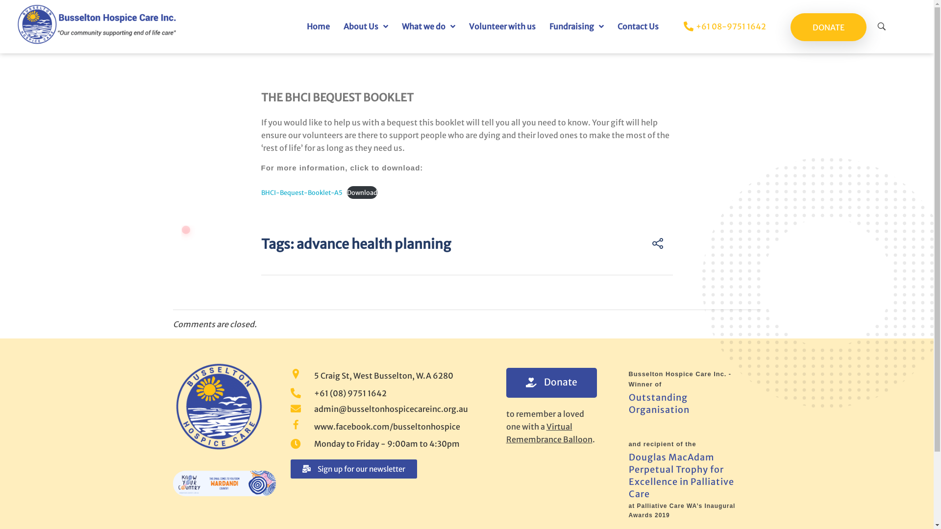 The width and height of the screenshot is (941, 529). Describe the element at coordinates (428, 26) in the screenshot. I see `'What we do'` at that location.